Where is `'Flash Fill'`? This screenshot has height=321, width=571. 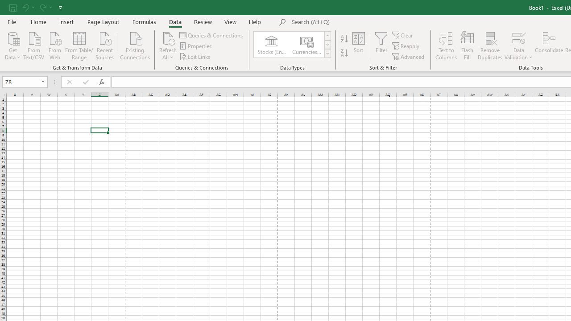 'Flash Fill' is located at coordinates (467, 46).